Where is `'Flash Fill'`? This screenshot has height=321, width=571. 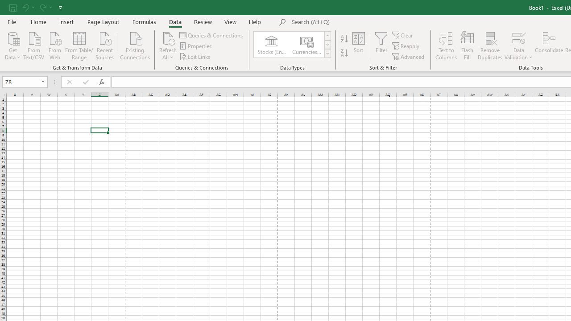 'Flash Fill' is located at coordinates (467, 46).